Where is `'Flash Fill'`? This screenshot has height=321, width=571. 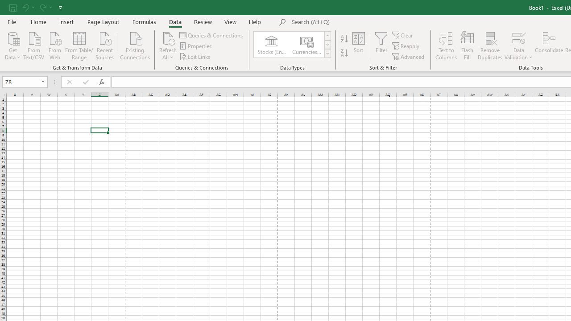 'Flash Fill' is located at coordinates (467, 46).